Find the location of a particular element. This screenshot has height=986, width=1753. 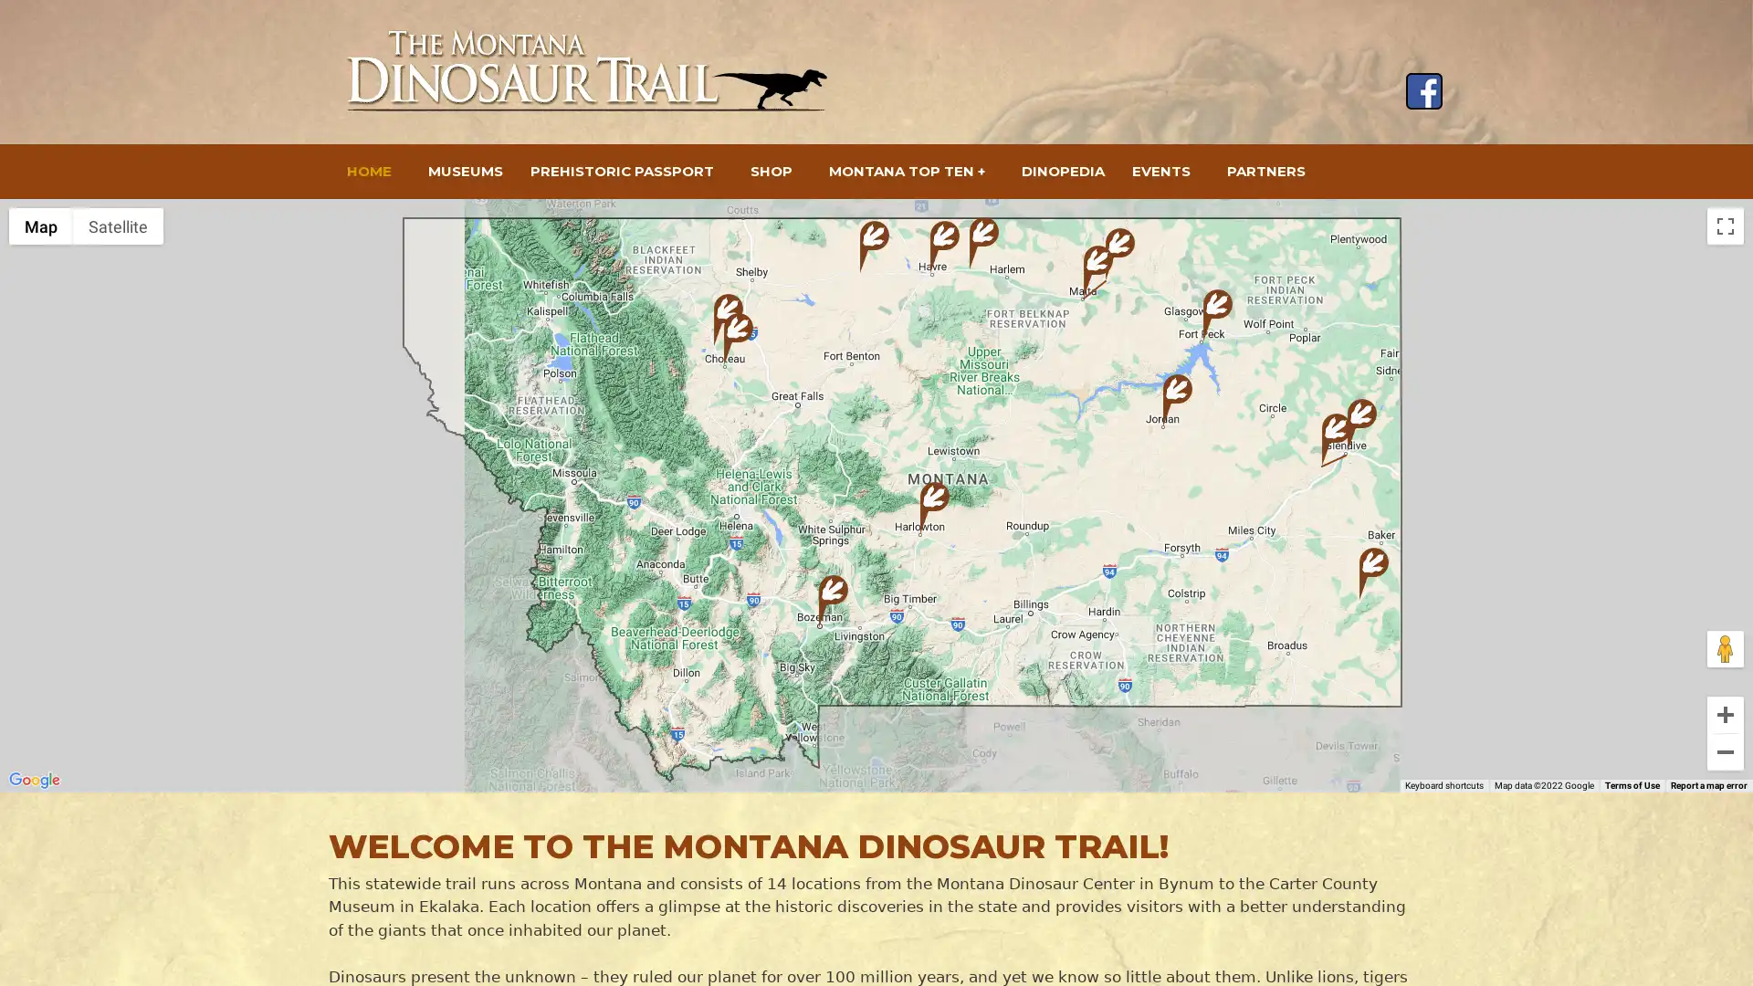

Keyboard shortcuts is located at coordinates (1443, 784).